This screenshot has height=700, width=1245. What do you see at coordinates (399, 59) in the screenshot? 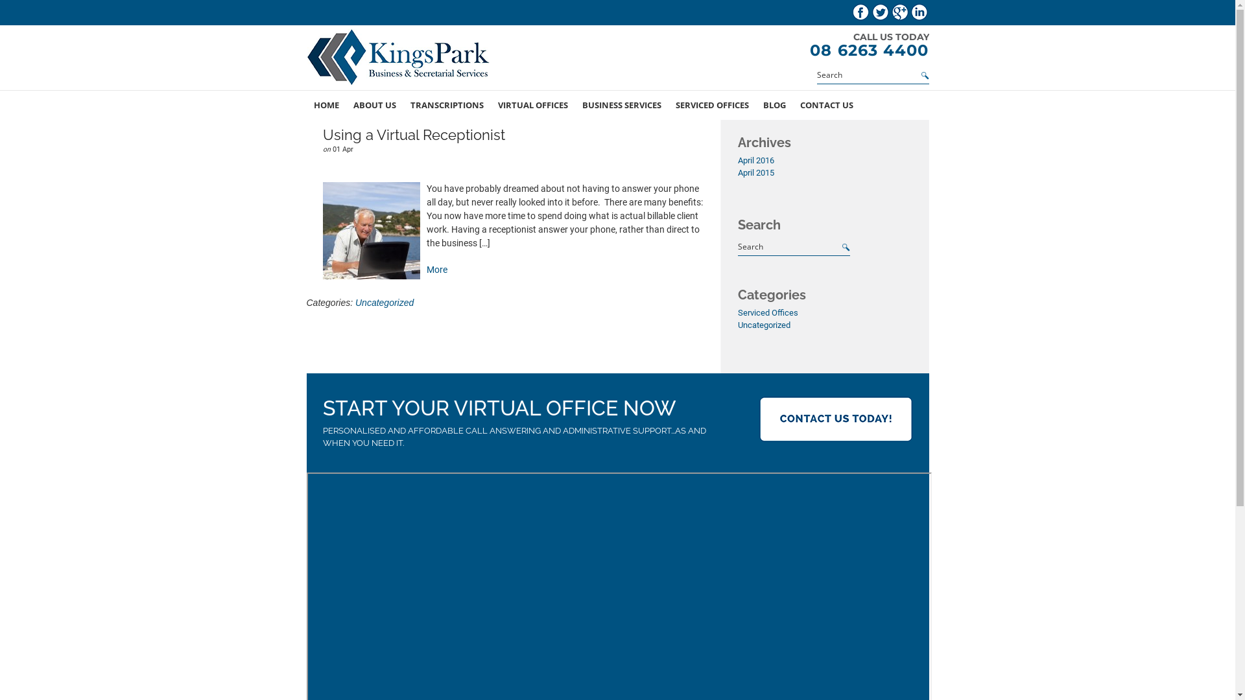
I see `'Kings Park Business and Secretarial Services'` at bounding box center [399, 59].